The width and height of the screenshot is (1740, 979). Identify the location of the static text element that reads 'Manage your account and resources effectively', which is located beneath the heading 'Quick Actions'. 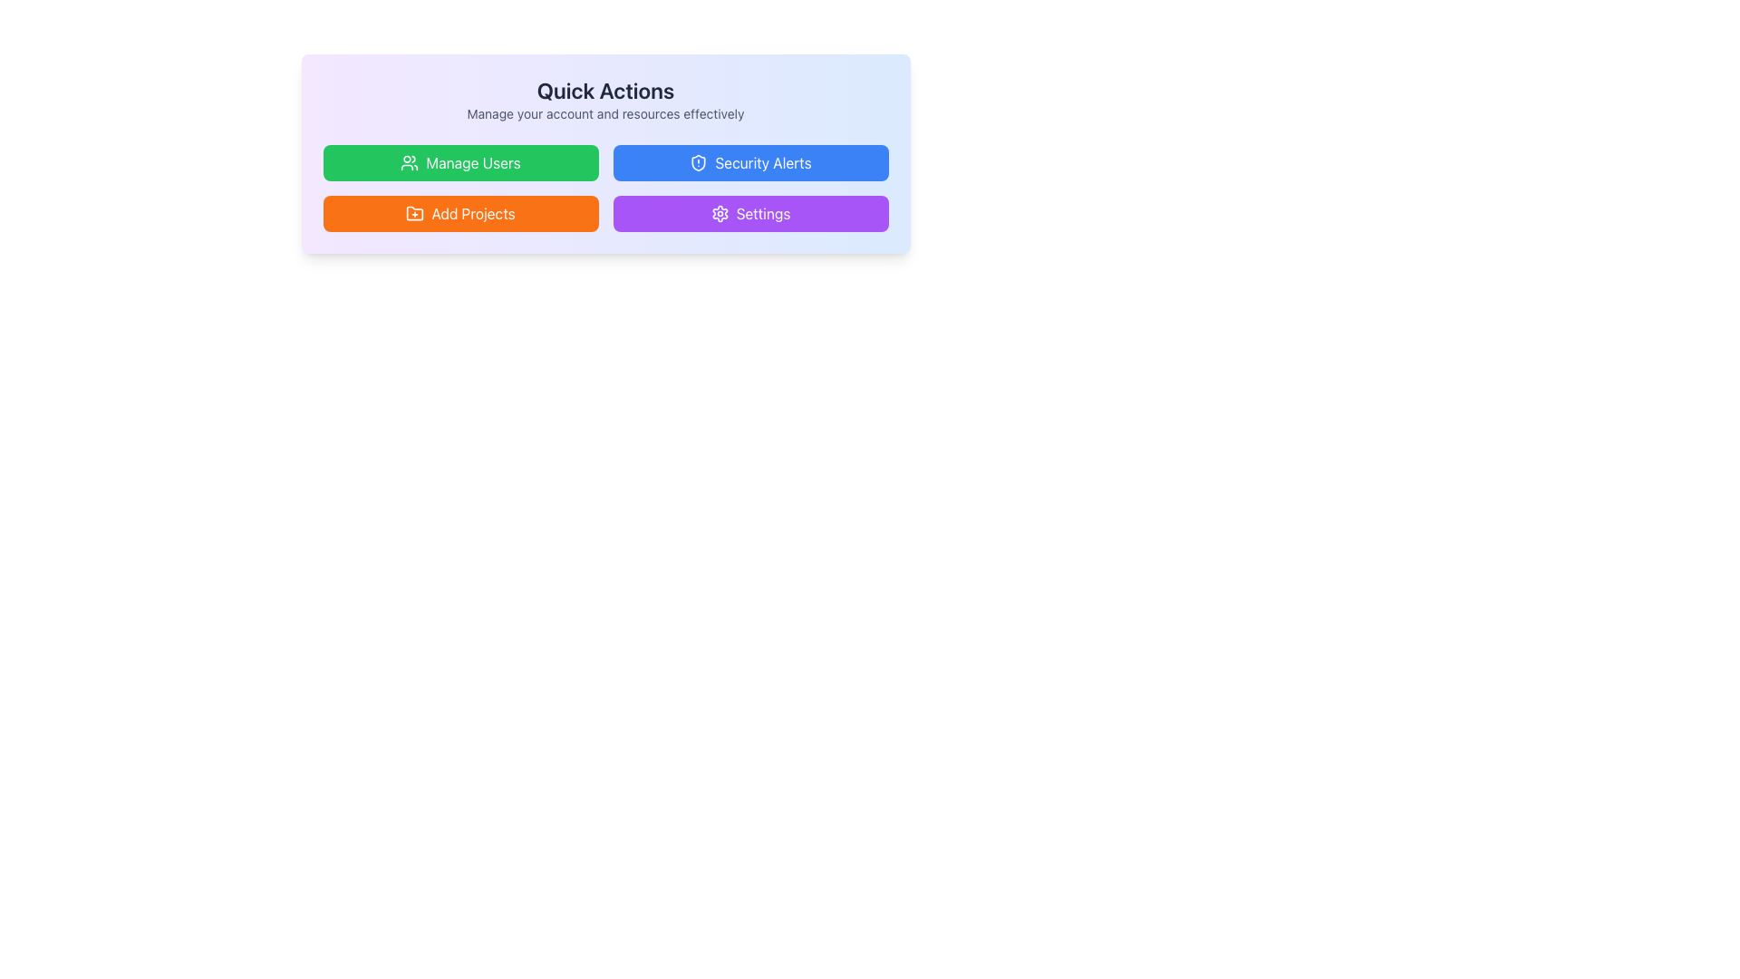
(605, 114).